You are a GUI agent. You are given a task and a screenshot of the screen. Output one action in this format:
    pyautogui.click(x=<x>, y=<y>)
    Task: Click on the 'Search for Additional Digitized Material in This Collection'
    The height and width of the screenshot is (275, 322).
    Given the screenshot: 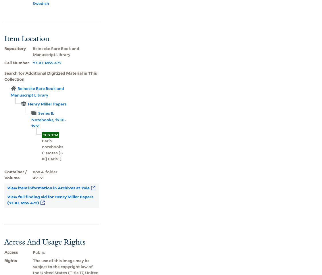 What is the action you would take?
    pyautogui.click(x=50, y=76)
    